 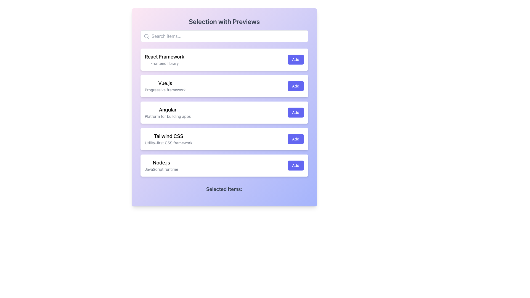 What do you see at coordinates (165, 90) in the screenshot?
I see `the static text label that describes Vue.js as a 'Progressive framework', located directly below the title 'Vue.js'` at bounding box center [165, 90].